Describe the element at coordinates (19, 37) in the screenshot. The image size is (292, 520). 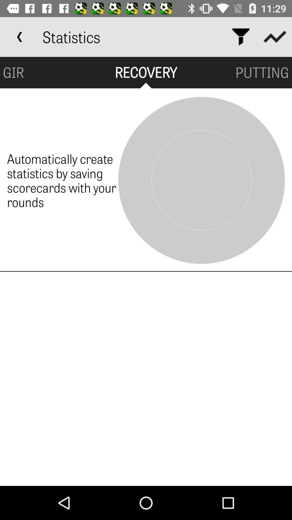
I see `the app next to the statistics app` at that location.